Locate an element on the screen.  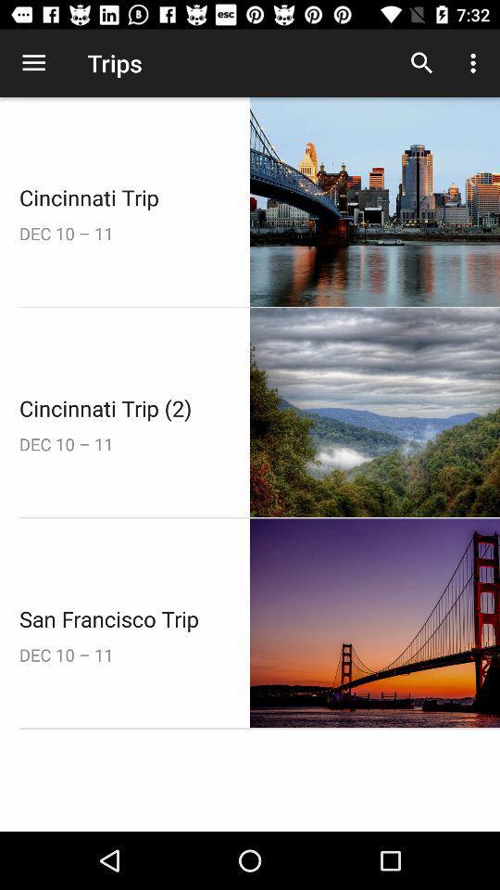
the item to the left of trips item is located at coordinates (33, 63).